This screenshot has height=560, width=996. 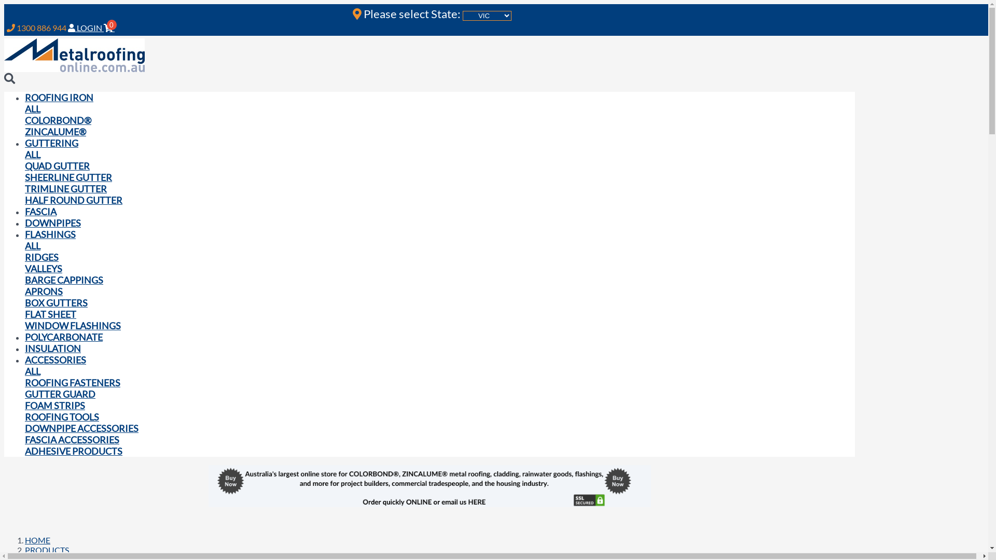 What do you see at coordinates (56, 302) in the screenshot?
I see `'BOX GUTTERS'` at bounding box center [56, 302].